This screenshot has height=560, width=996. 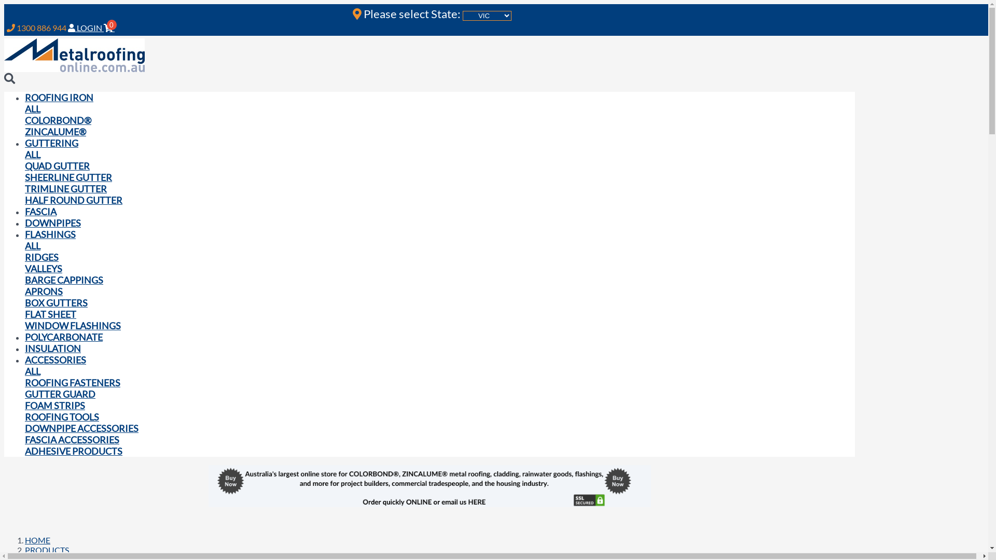 What do you see at coordinates (56, 302) in the screenshot?
I see `'BOX GUTTERS'` at bounding box center [56, 302].